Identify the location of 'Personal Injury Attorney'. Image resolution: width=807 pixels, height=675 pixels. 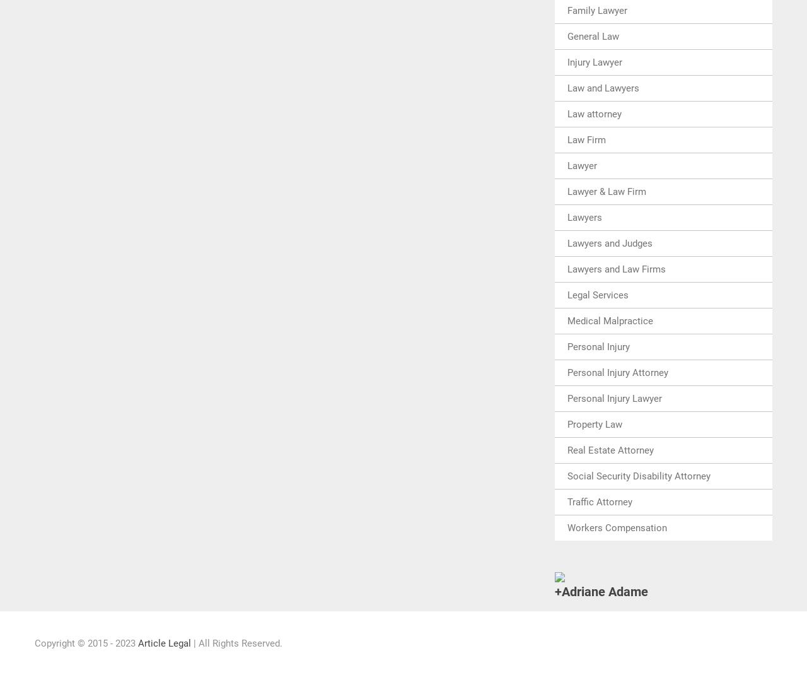
(617, 371).